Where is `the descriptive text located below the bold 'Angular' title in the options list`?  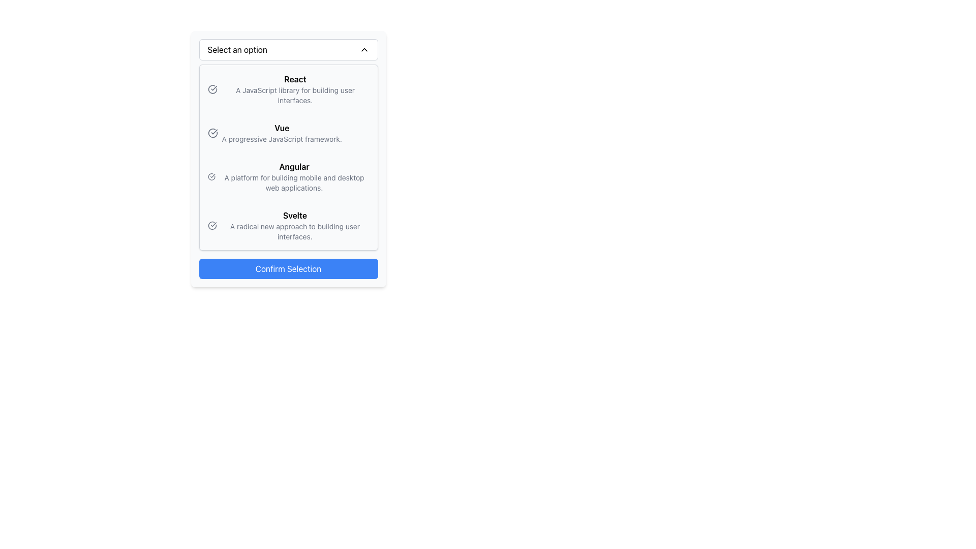
the descriptive text located below the bold 'Angular' title in the options list is located at coordinates (294, 182).